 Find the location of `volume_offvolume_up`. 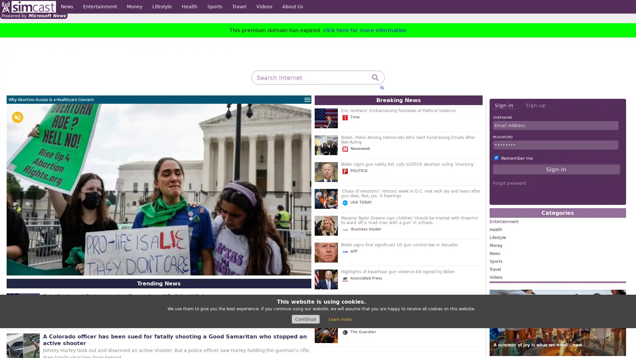

volume_offvolume_up is located at coordinates (17, 117).